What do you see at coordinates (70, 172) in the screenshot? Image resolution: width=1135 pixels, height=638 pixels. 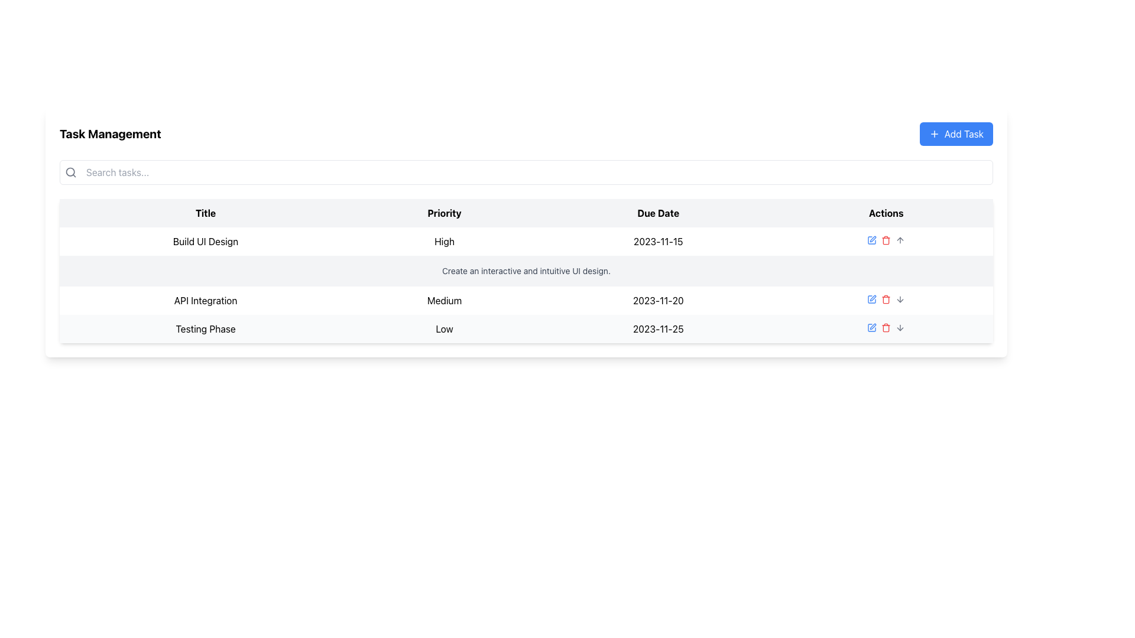 I see `the decorative circular graphic icon part of the search functionality, which visually represents the lens of the magnifying glass icon located to the left of the input field` at bounding box center [70, 172].